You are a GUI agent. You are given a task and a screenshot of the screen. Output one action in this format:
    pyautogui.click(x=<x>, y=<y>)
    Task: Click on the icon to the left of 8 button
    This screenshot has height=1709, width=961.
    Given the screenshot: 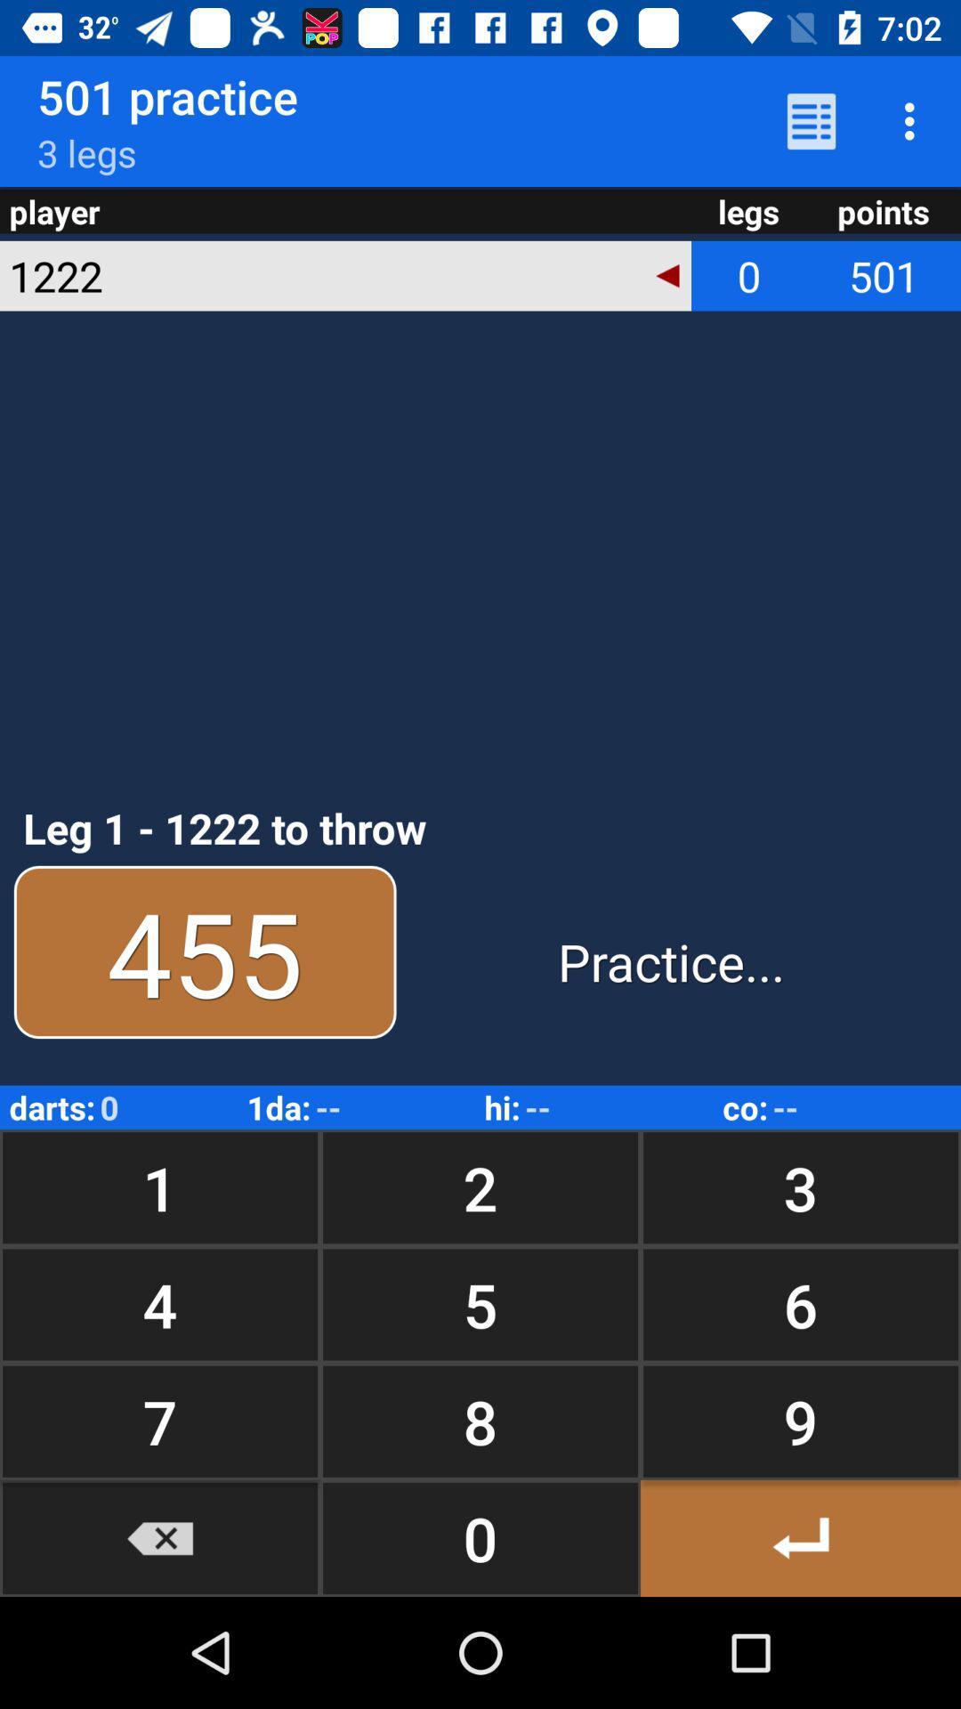 What is the action you would take?
    pyautogui.click(x=160, y=1537)
    